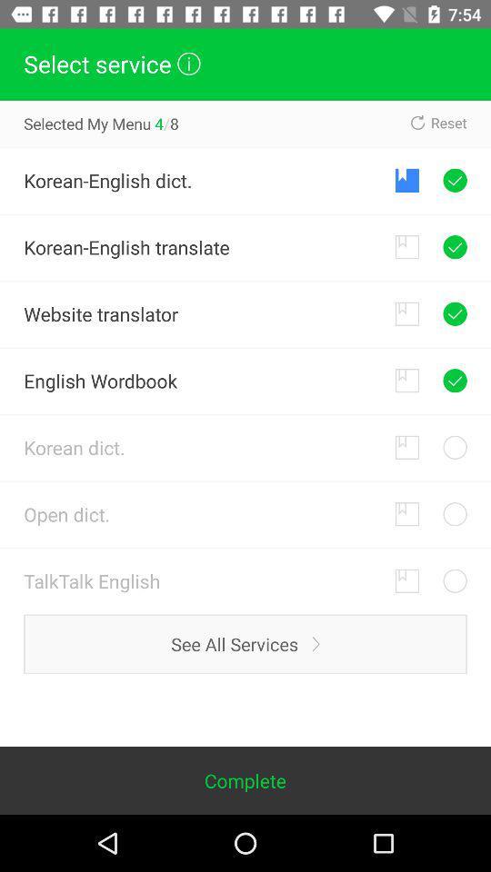 This screenshot has height=872, width=491. I want to click on the info icon, so click(187, 64).